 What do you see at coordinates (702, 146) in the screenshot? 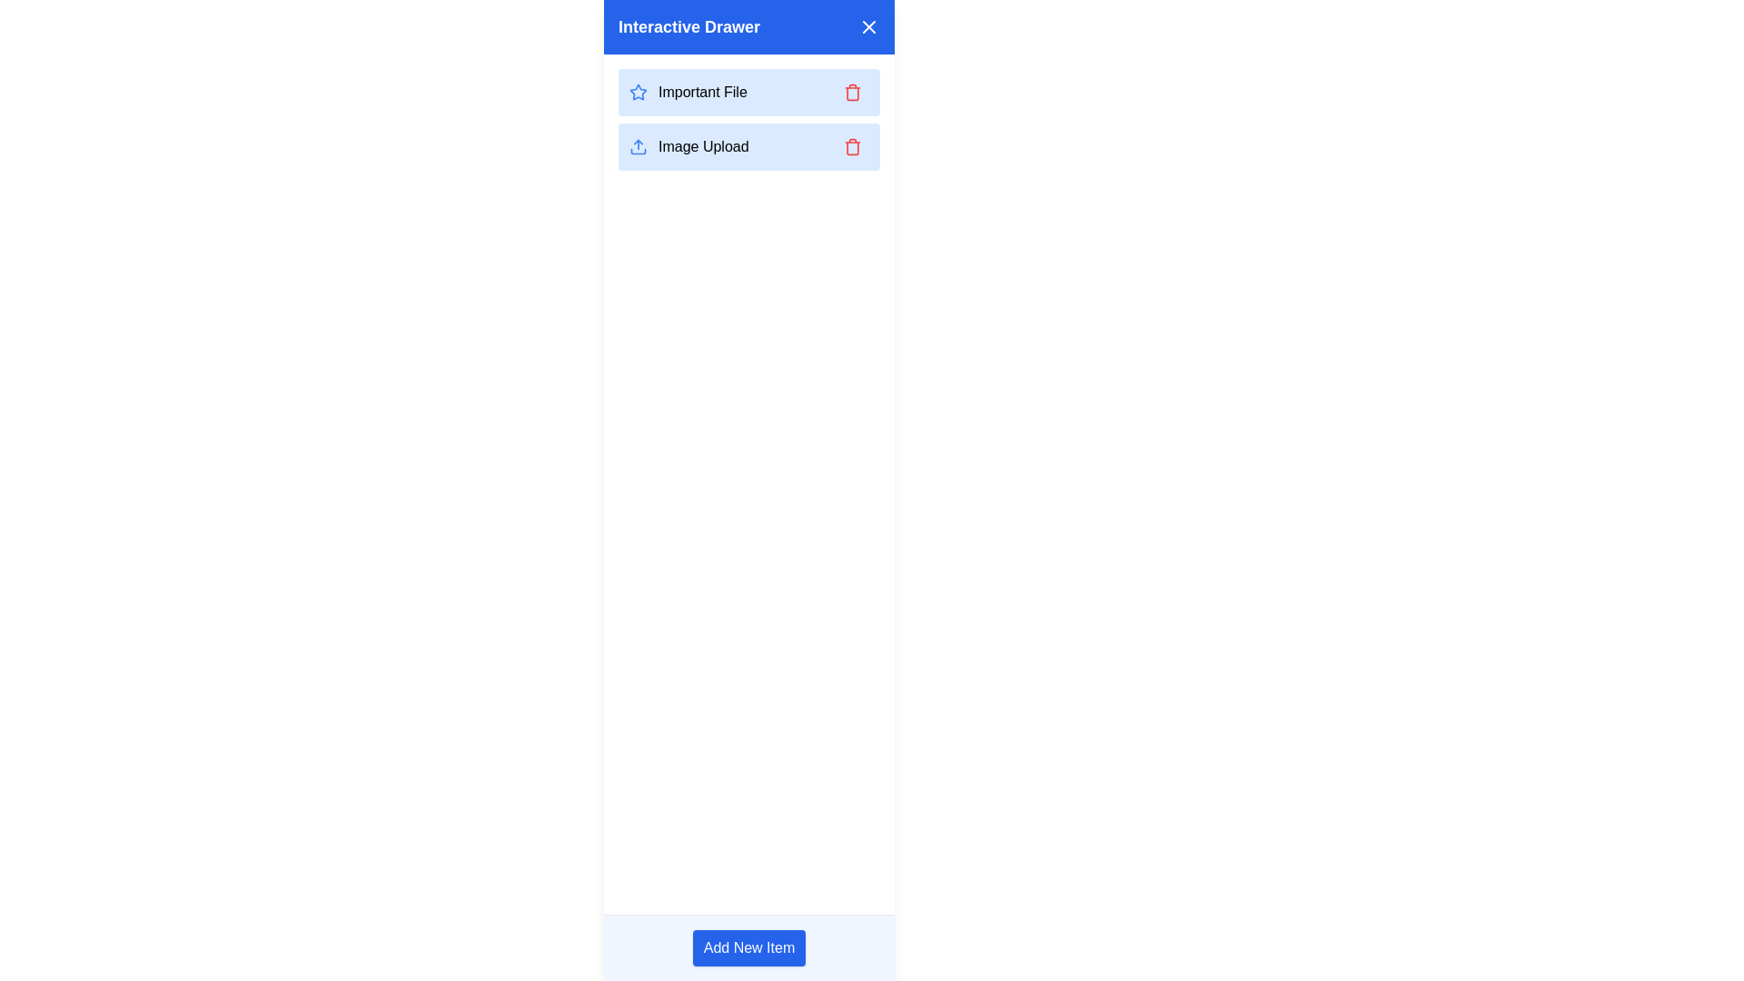
I see `the 'Image Upload' label in the Interactive Drawer sidebar, which is positioned below 'Important File' and above 'Add New Item'` at bounding box center [702, 146].